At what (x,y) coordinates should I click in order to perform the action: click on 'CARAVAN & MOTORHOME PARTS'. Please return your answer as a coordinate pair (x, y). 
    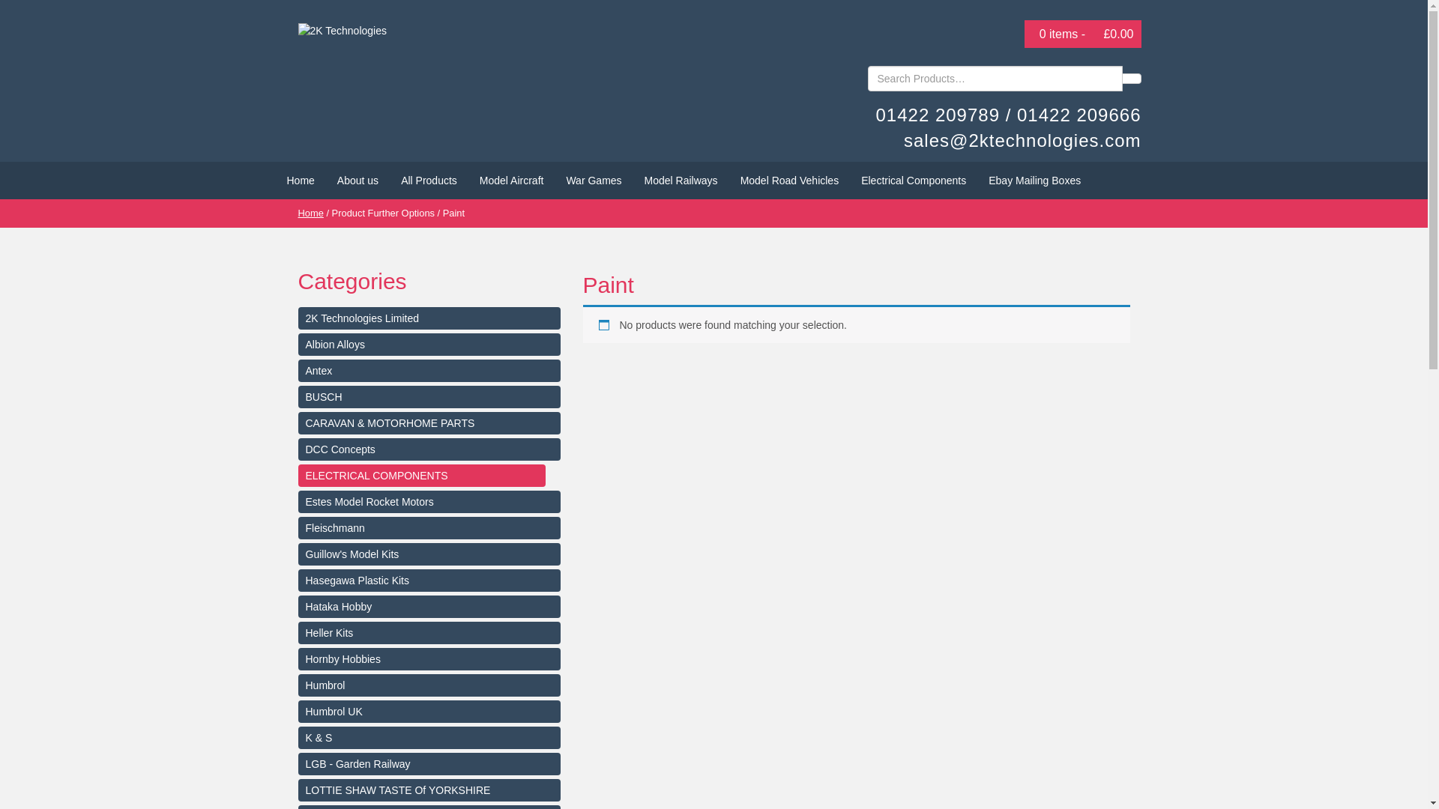
    Looking at the image, I should click on (428, 422).